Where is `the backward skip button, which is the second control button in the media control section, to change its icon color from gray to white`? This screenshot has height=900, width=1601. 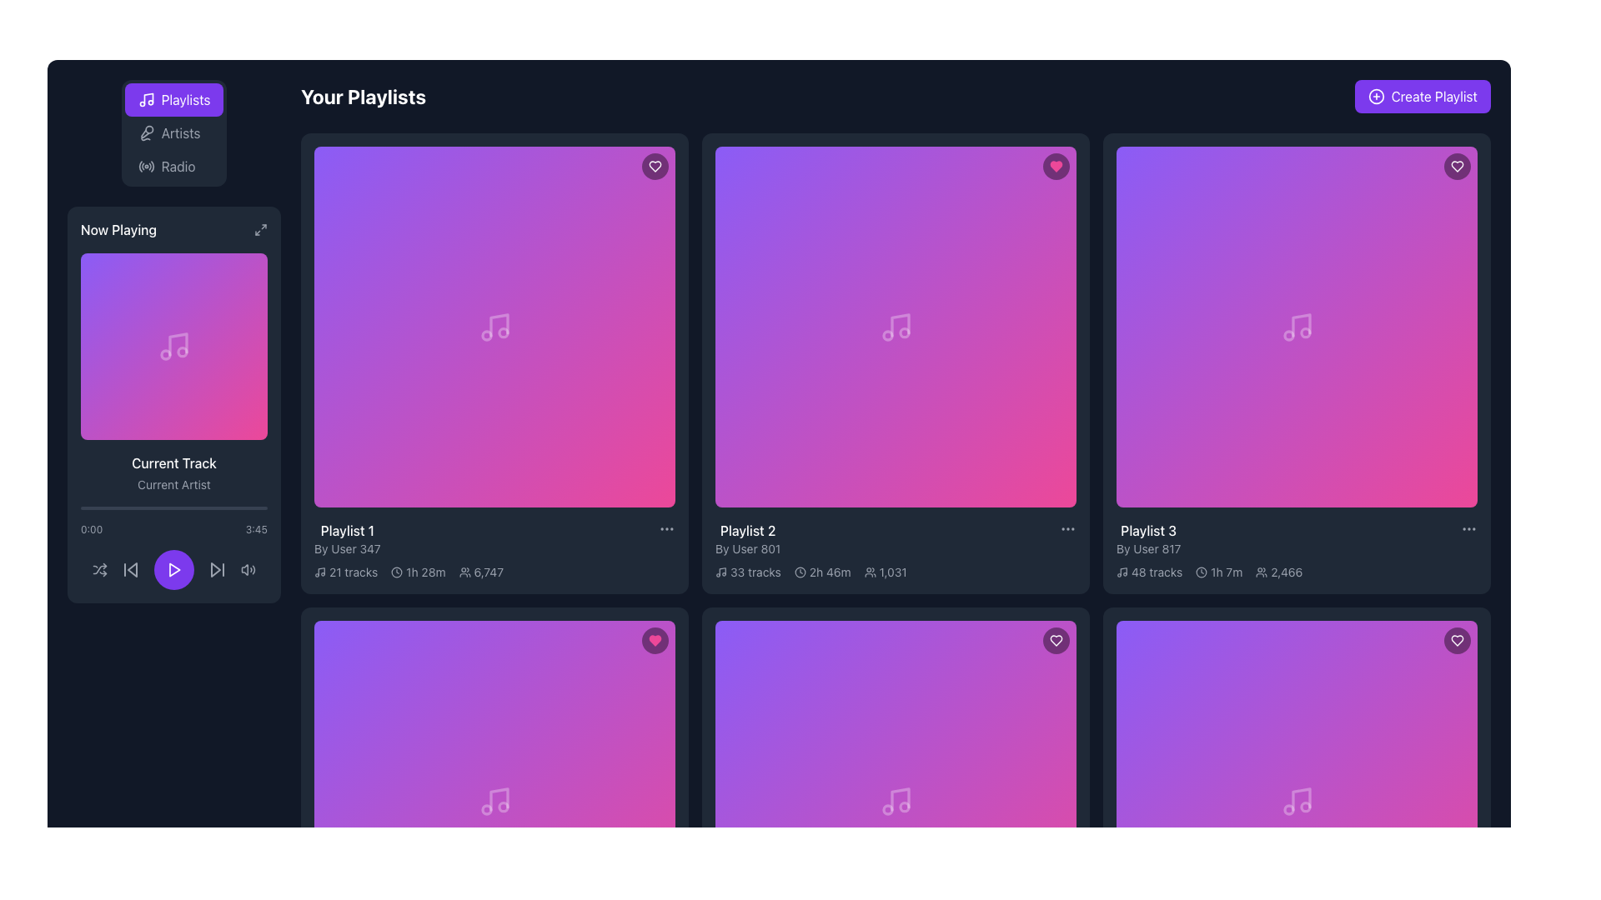
the backward skip button, which is the second control button in the media control section, to change its icon color from gray to white is located at coordinates (130, 568).